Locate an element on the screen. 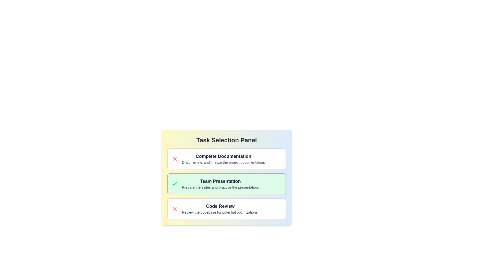  text content of the Text Label that serves as the title for the task item labeled 'Complete Documentation', located near the upper section of a vertically aligned list of task items is located at coordinates (223, 156).